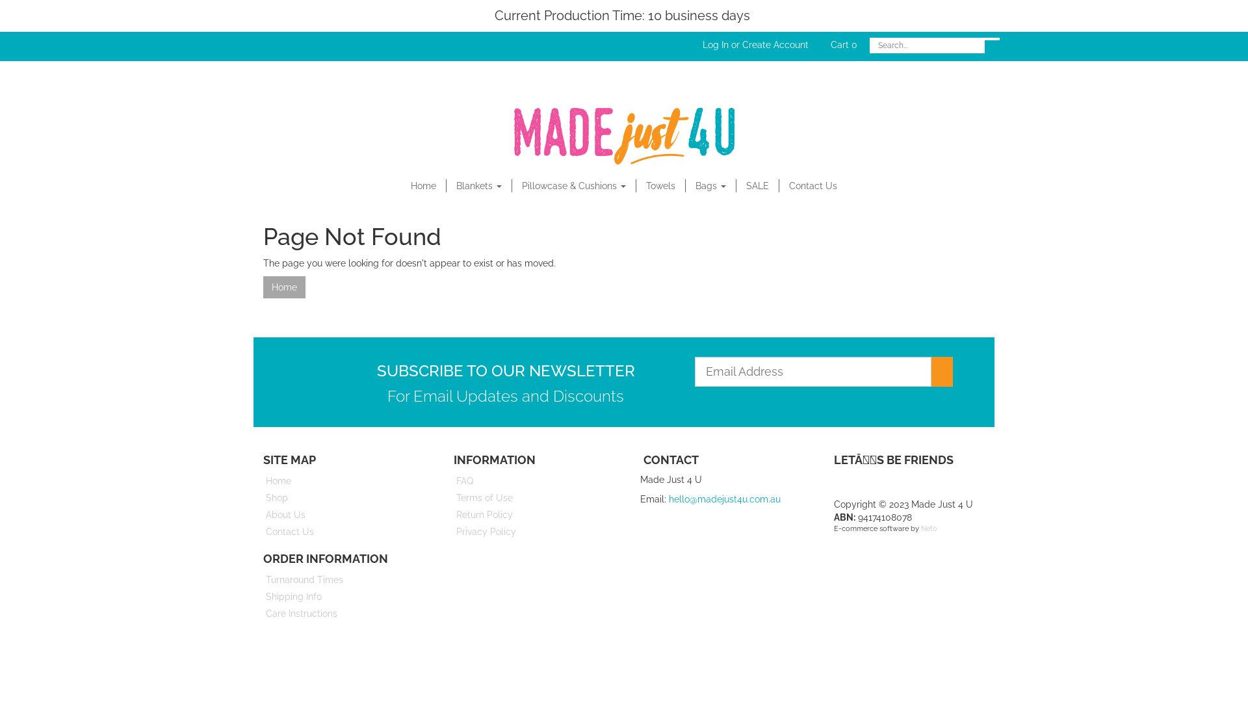 The width and height of the screenshot is (1248, 702). I want to click on 'FAQ', so click(443, 481).